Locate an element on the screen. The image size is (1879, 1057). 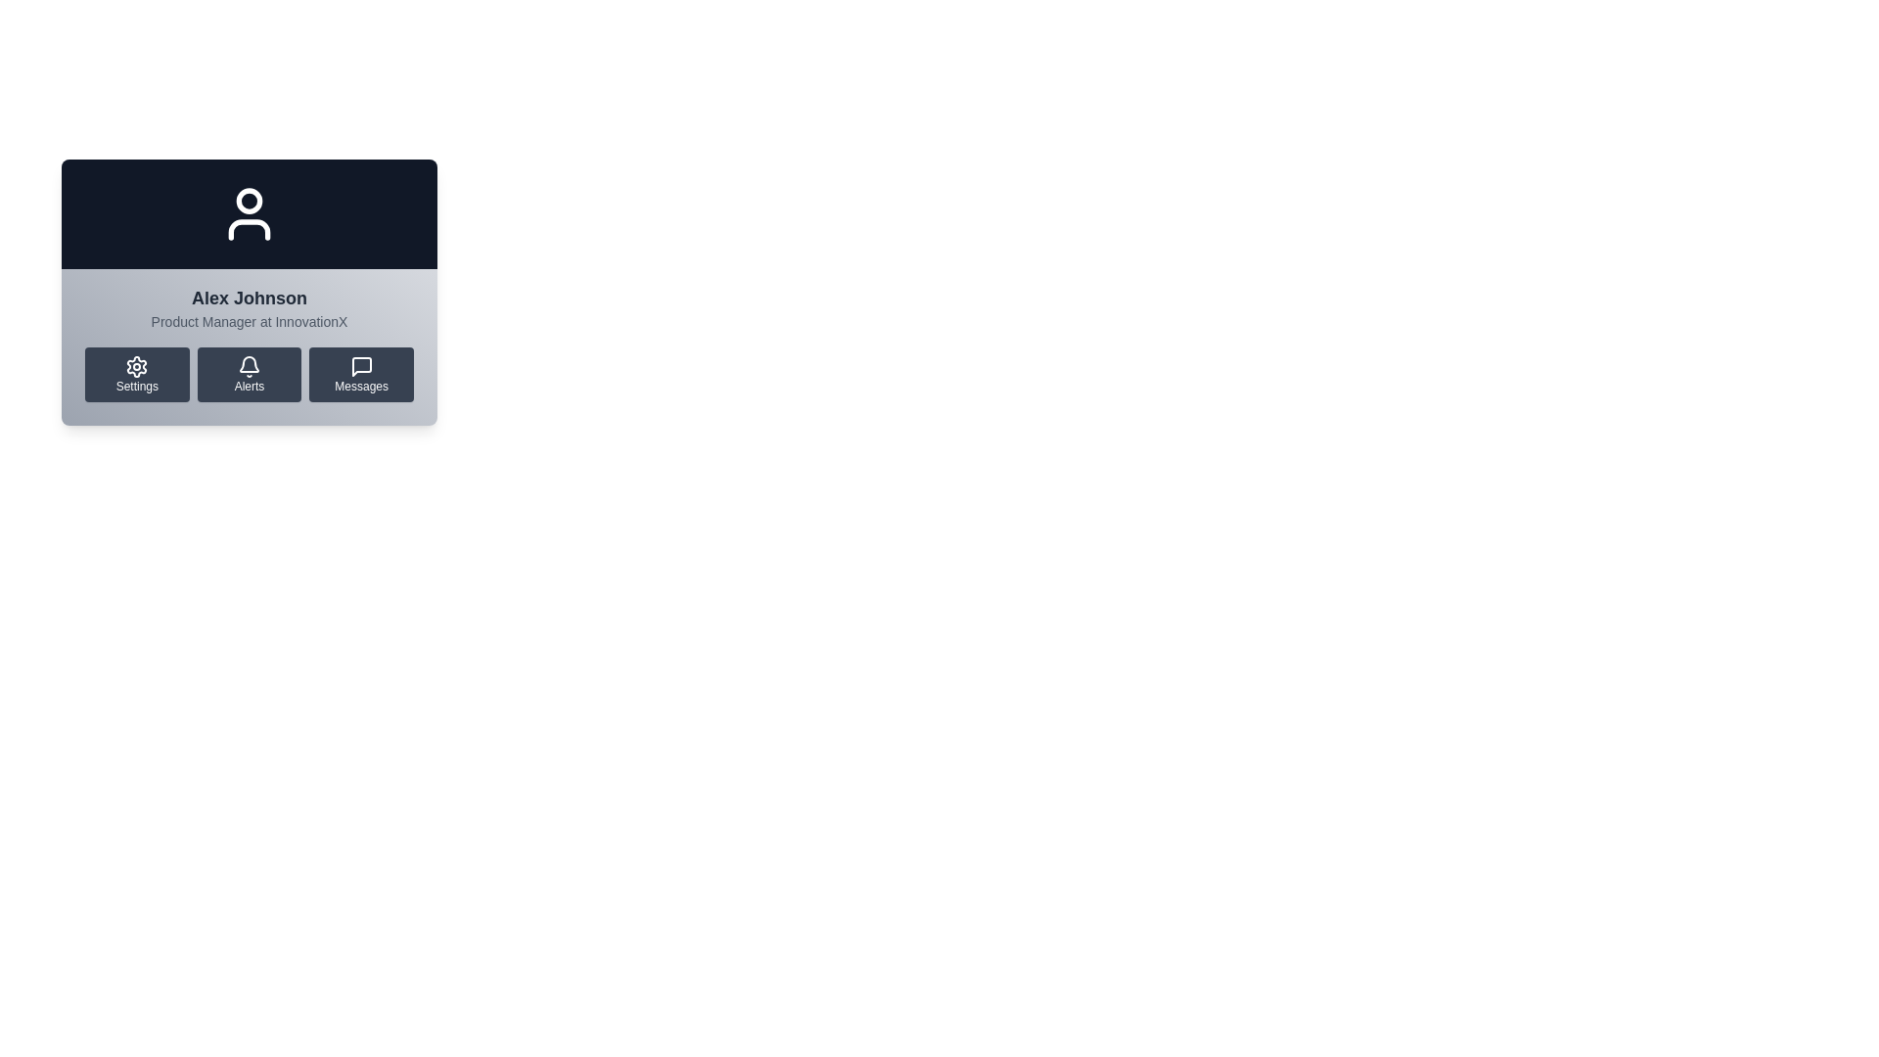
the gear icon button, which is the first button from the left in a row of three buttons at the bottom section of a user card component is located at coordinates (136, 366).